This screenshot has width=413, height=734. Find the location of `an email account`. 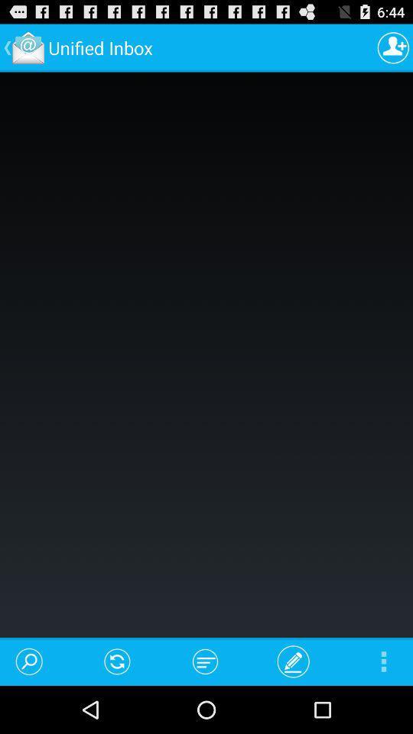

an email account is located at coordinates (393, 47).